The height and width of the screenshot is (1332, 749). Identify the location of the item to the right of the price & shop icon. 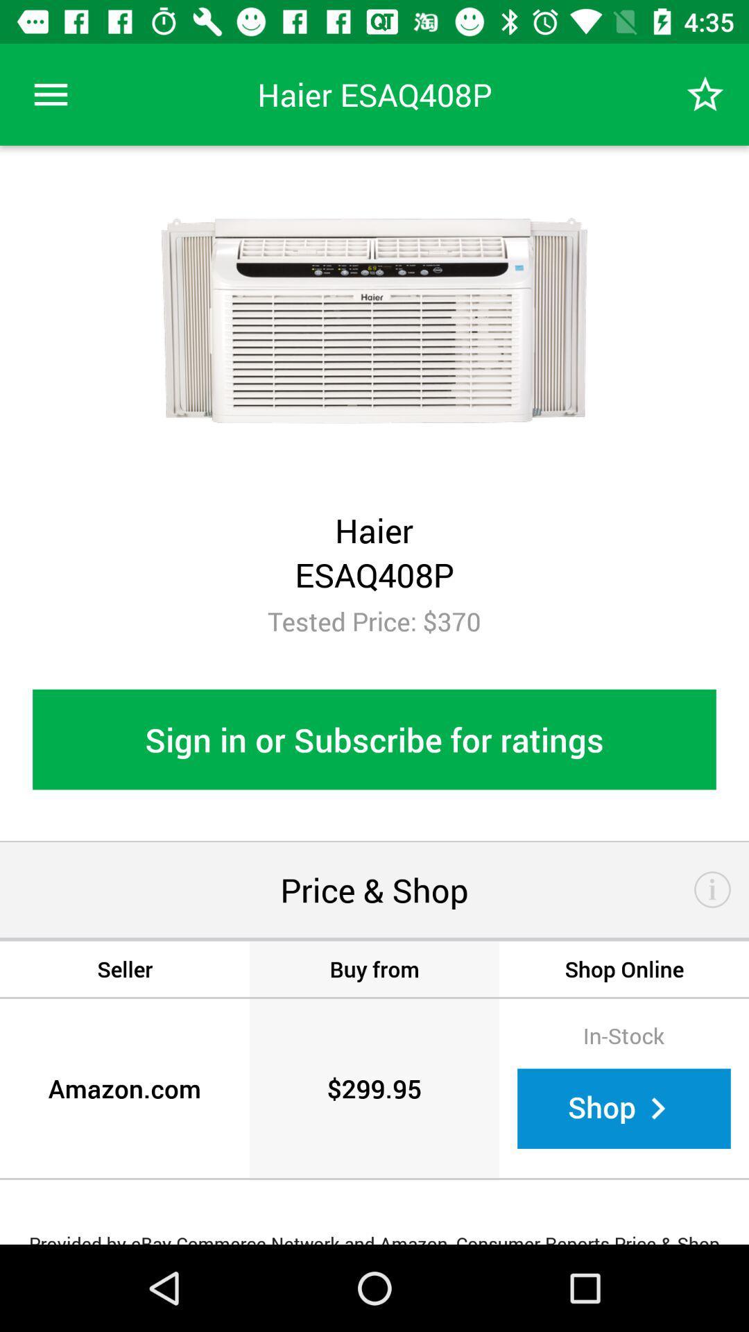
(712, 889).